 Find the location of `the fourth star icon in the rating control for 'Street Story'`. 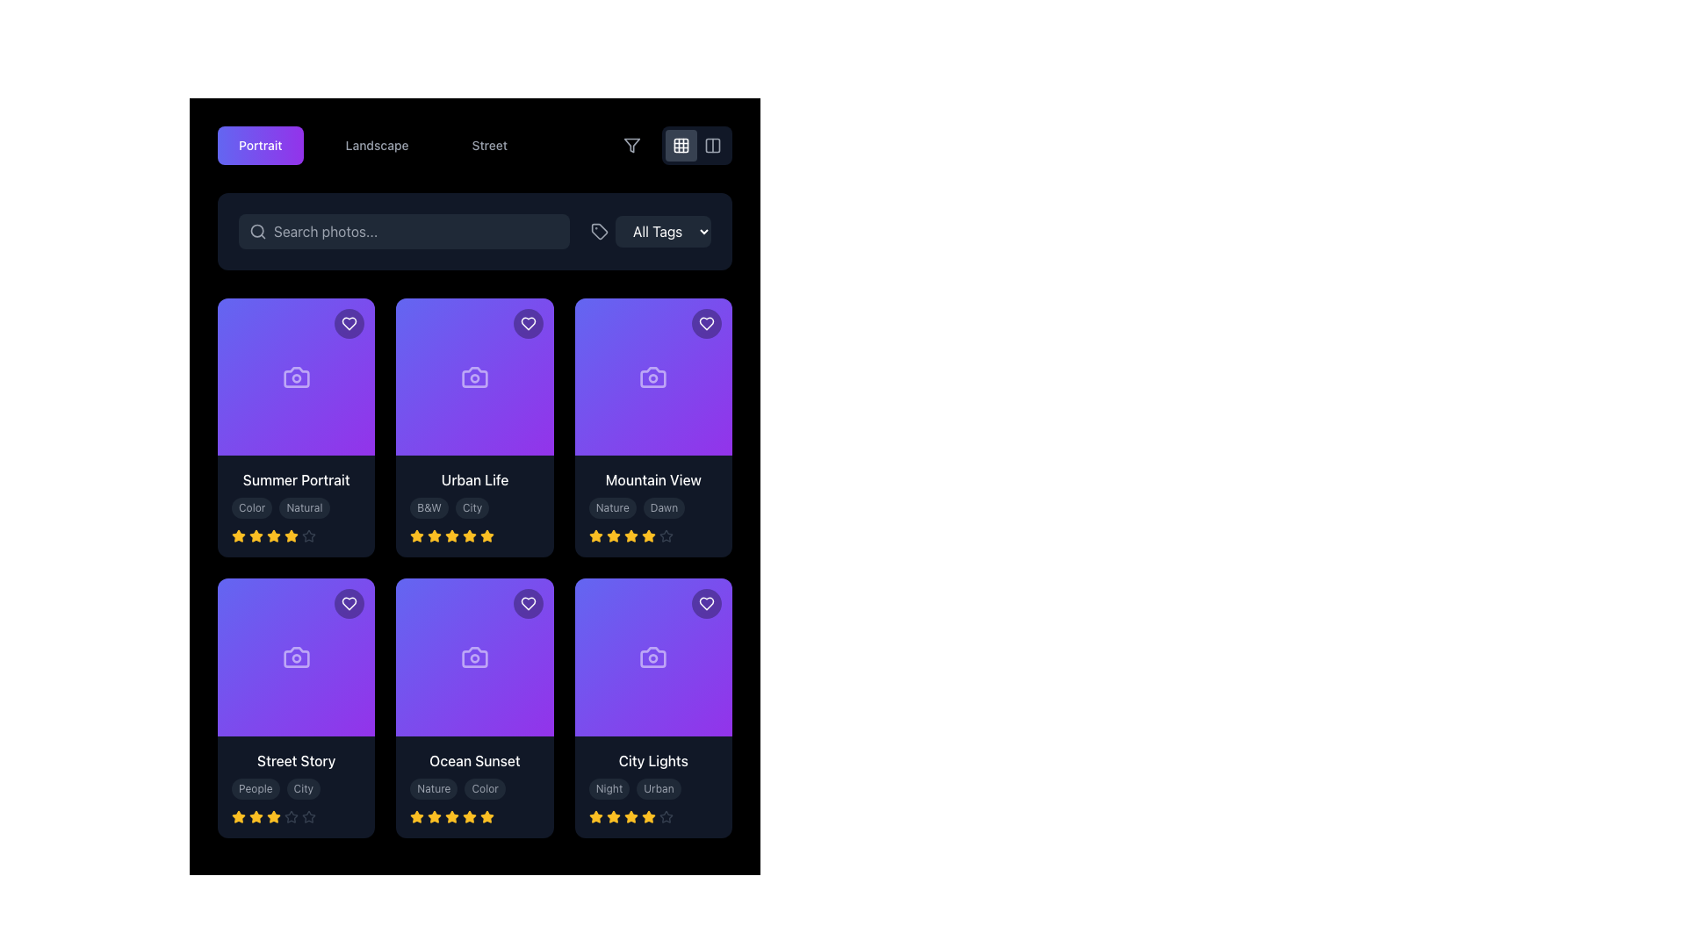

the fourth star icon in the rating control for 'Street Story' is located at coordinates (273, 815).